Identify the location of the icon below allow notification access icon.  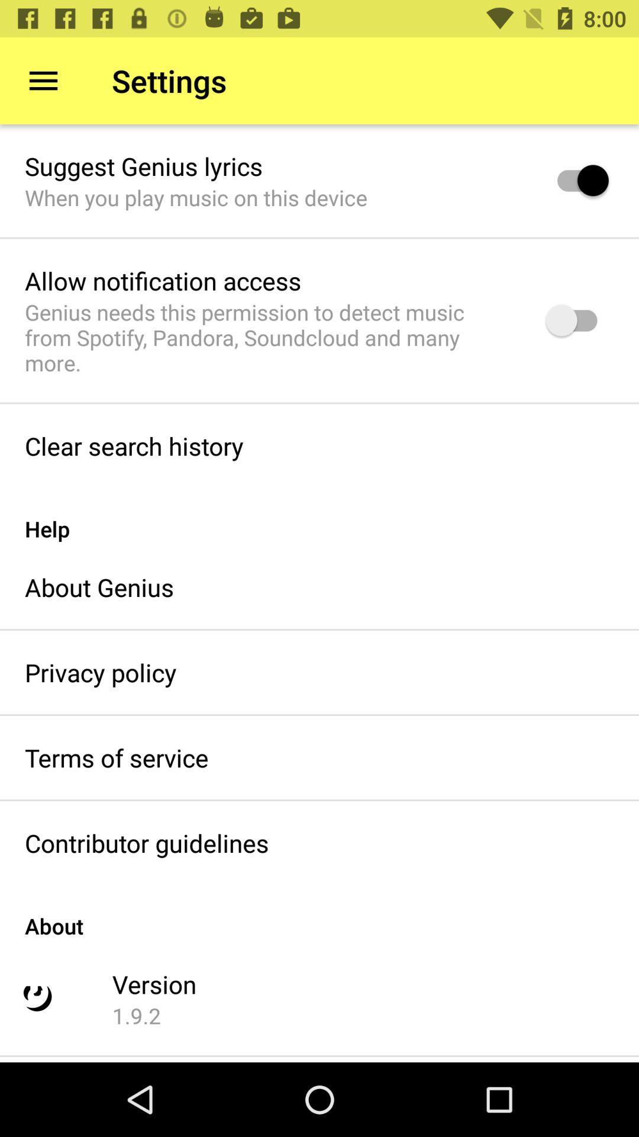
(270, 337).